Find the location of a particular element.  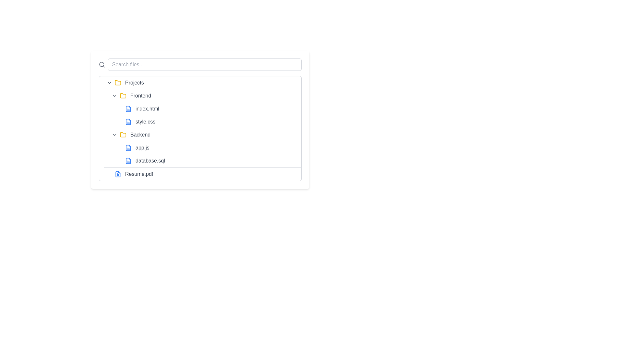

the icon representing the 'app.js' file located to the left of the text 'app.js' in the file list under the 'Backend' folder is located at coordinates (128, 148).